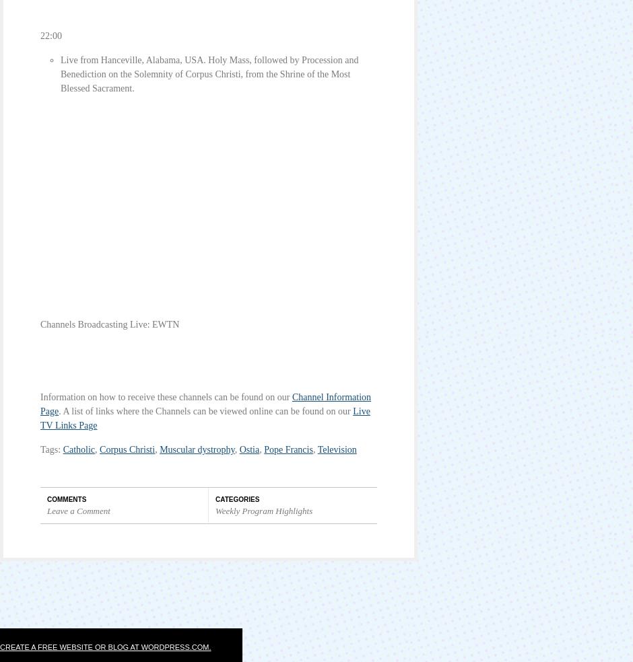  What do you see at coordinates (196, 449) in the screenshot?
I see `'Muscular dystrophy'` at bounding box center [196, 449].